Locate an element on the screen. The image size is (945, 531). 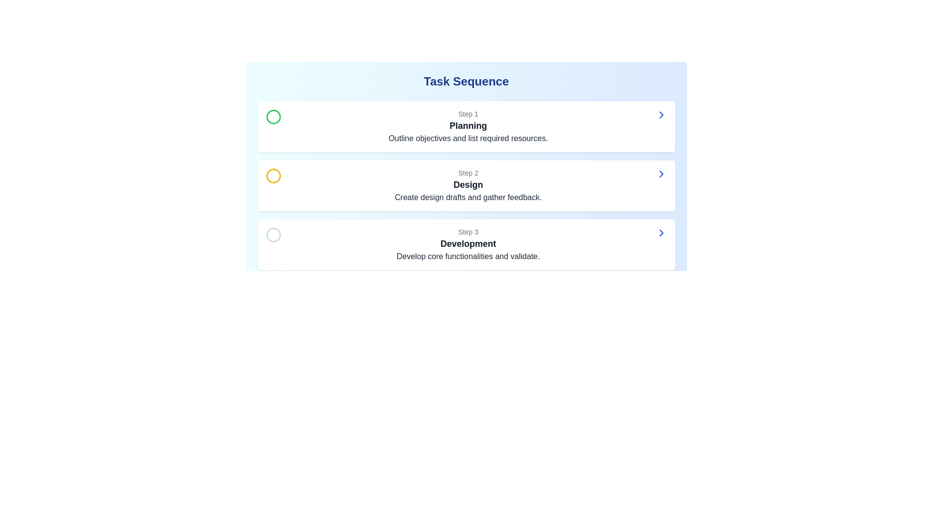
the circular state indicator icon to the far left of 'Step 3 Development', which indicates the status of the task step is located at coordinates (273, 235).